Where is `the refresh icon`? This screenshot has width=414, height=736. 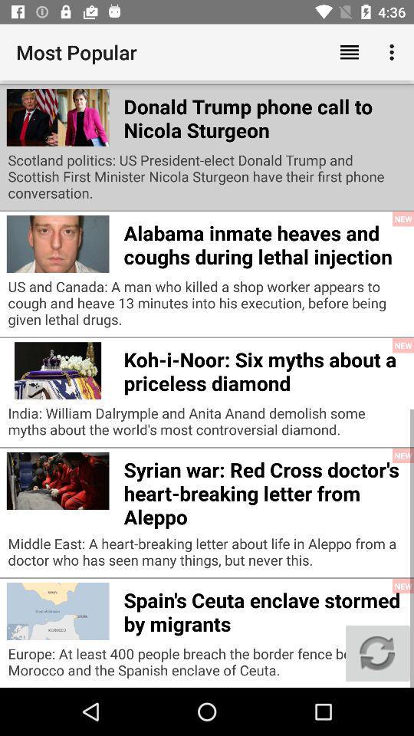
the refresh icon is located at coordinates (376, 652).